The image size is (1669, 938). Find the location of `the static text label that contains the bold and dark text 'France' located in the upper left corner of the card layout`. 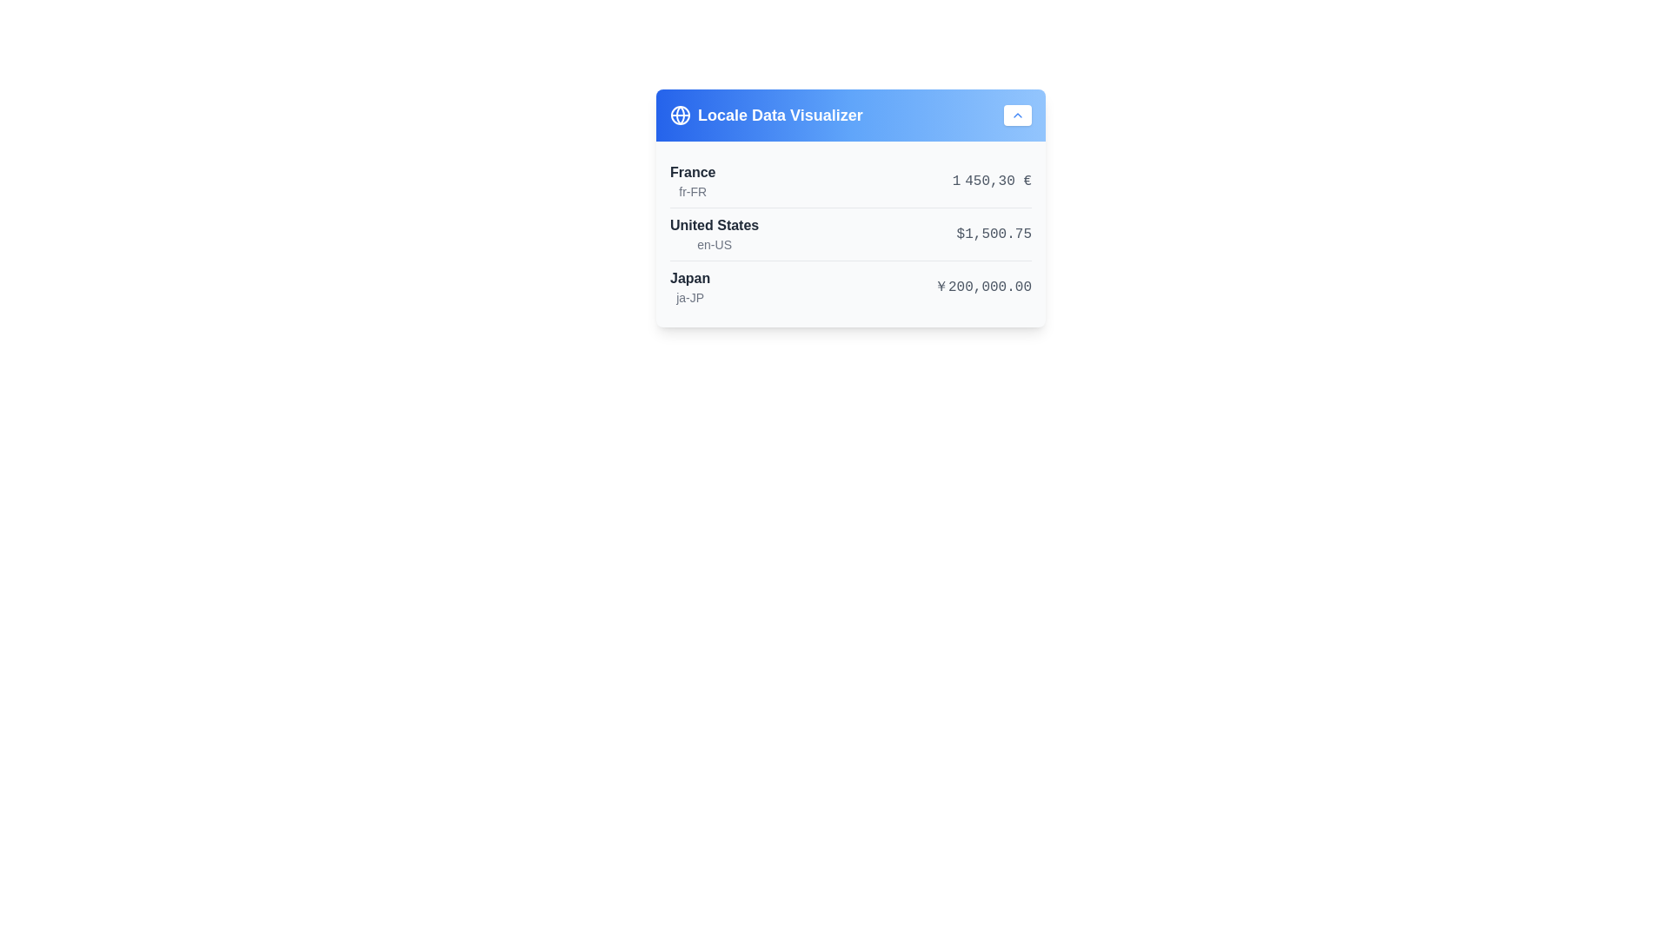

the static text label that contains the bold and dark text 'France' located in the upper left corner of the card layout is located at coordinates (692, 173).